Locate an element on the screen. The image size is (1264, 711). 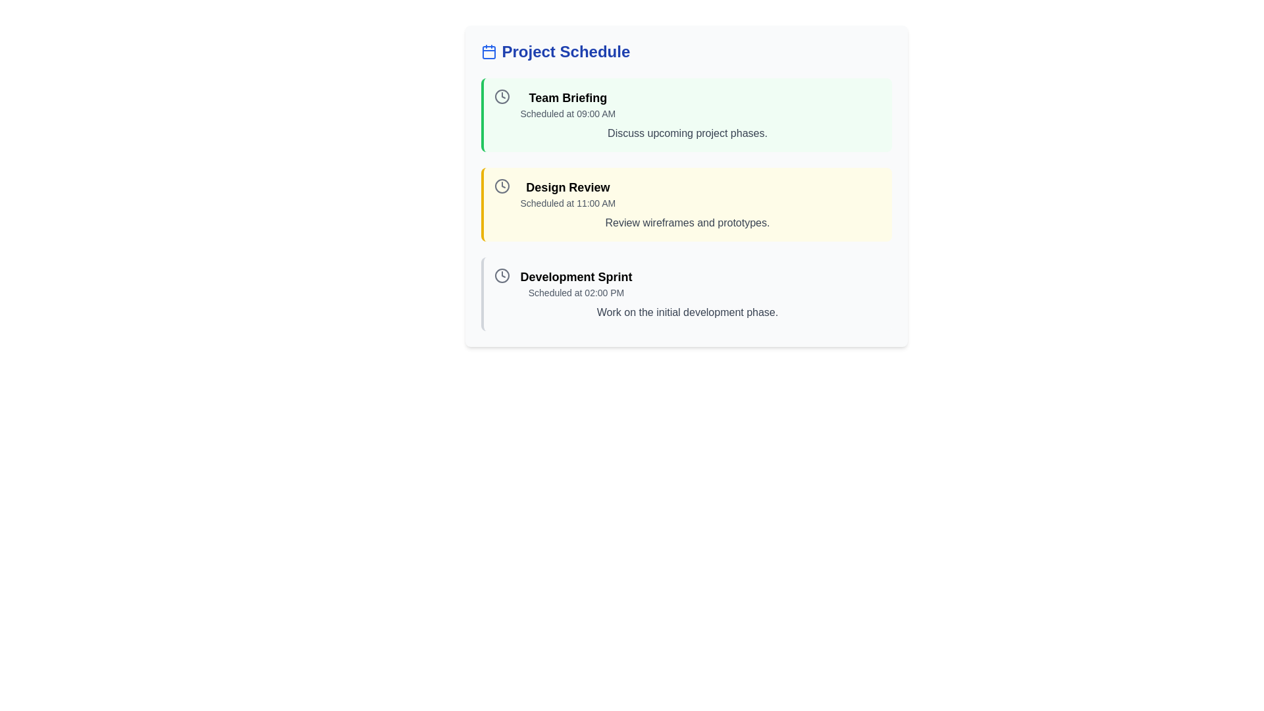
the third and last Informational Card in the vertical stack of event cards that displays scheduled event details is located at coordinates (685, 294).